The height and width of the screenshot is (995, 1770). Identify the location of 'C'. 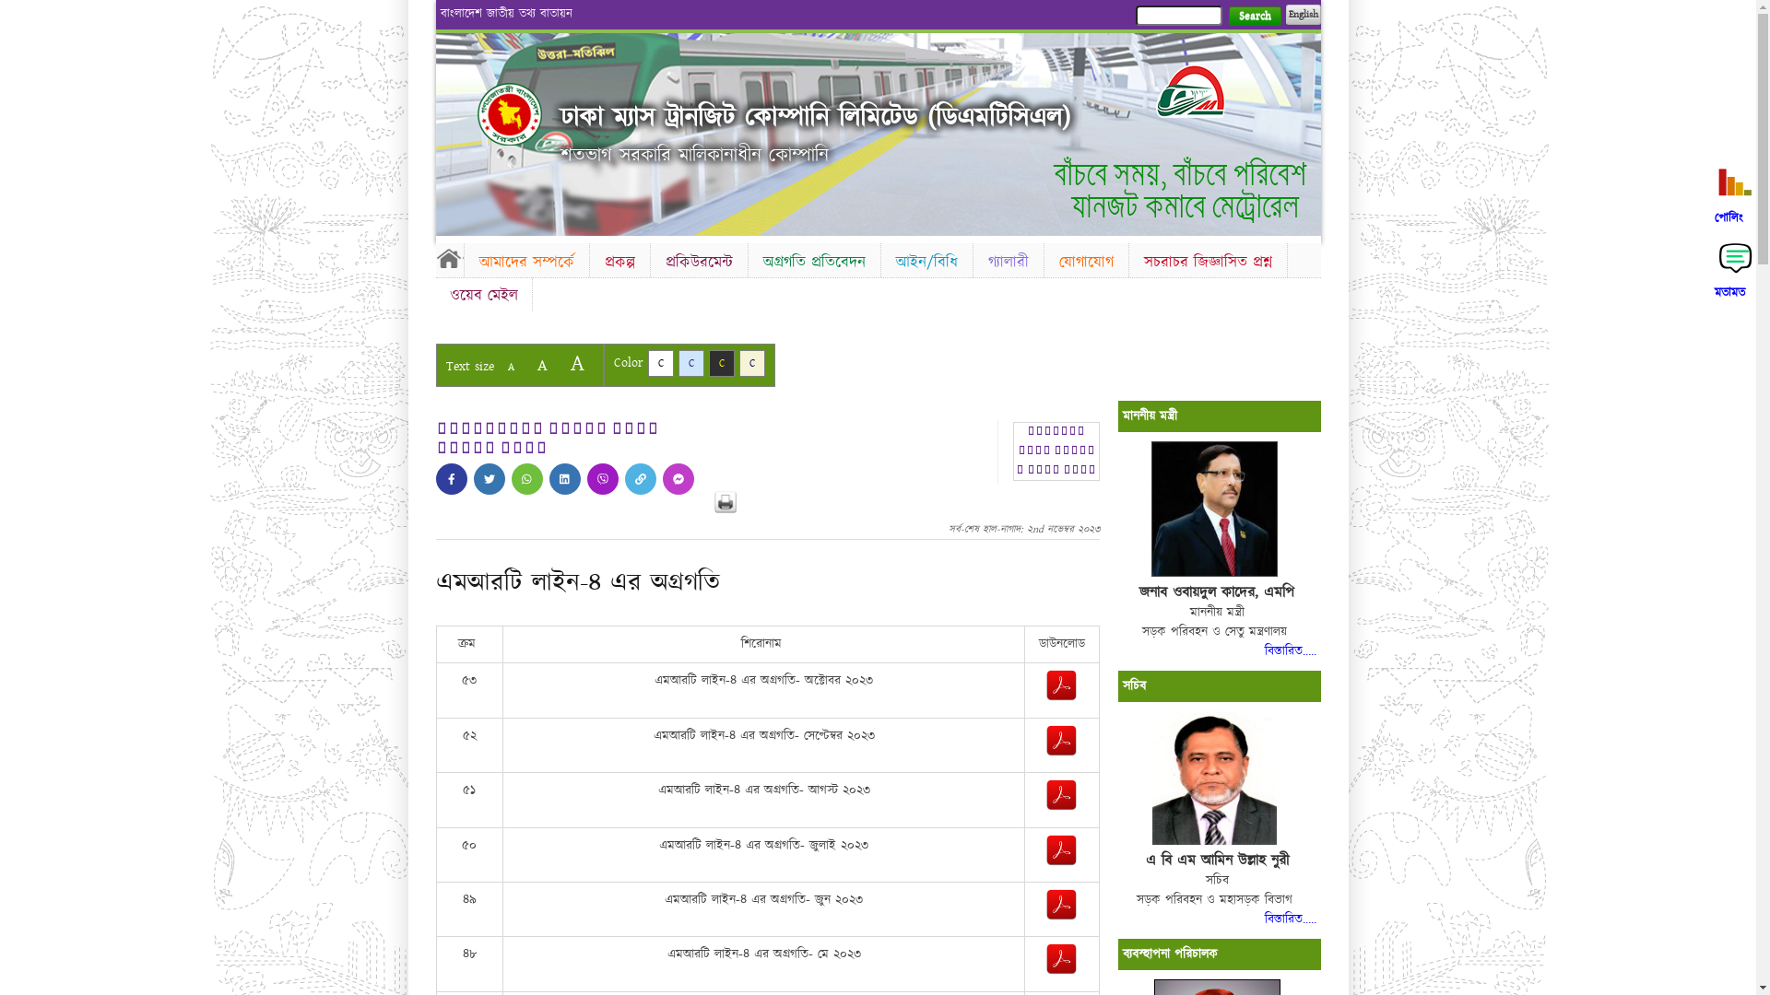
(720, 363).